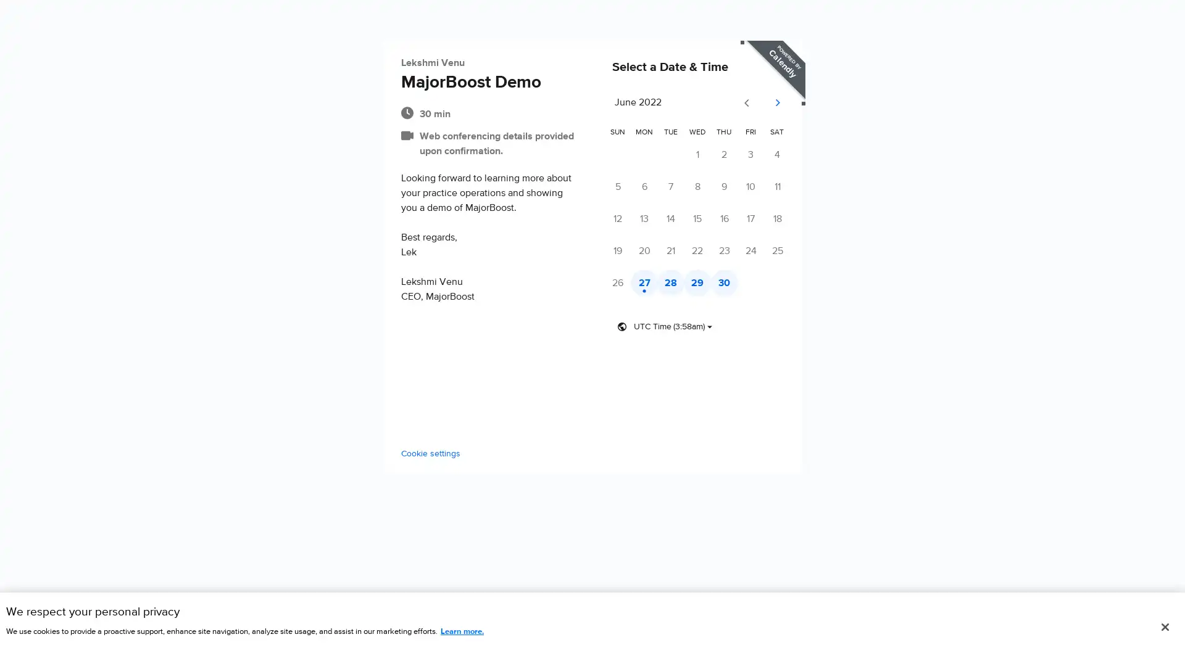 This screenshot has width=1185, height=666. What do you see at coordinates (778, 154) in the screenshot?
I see `Friday, June 3 - No times available` at bounding box center [778, 154].